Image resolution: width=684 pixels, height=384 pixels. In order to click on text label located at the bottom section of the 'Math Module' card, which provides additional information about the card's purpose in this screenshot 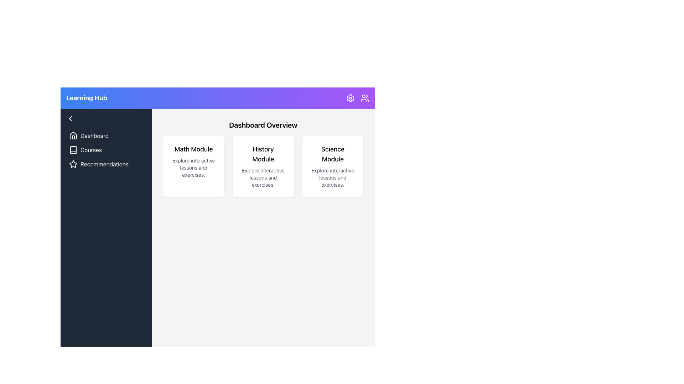, I will do `click(193, 167)`.